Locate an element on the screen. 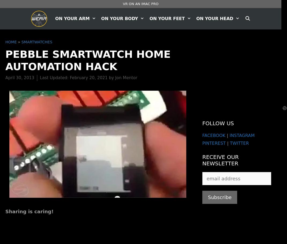 The image size is (287, 244). 'Receive Our Newsletter' is located at coordinates (220, 159).